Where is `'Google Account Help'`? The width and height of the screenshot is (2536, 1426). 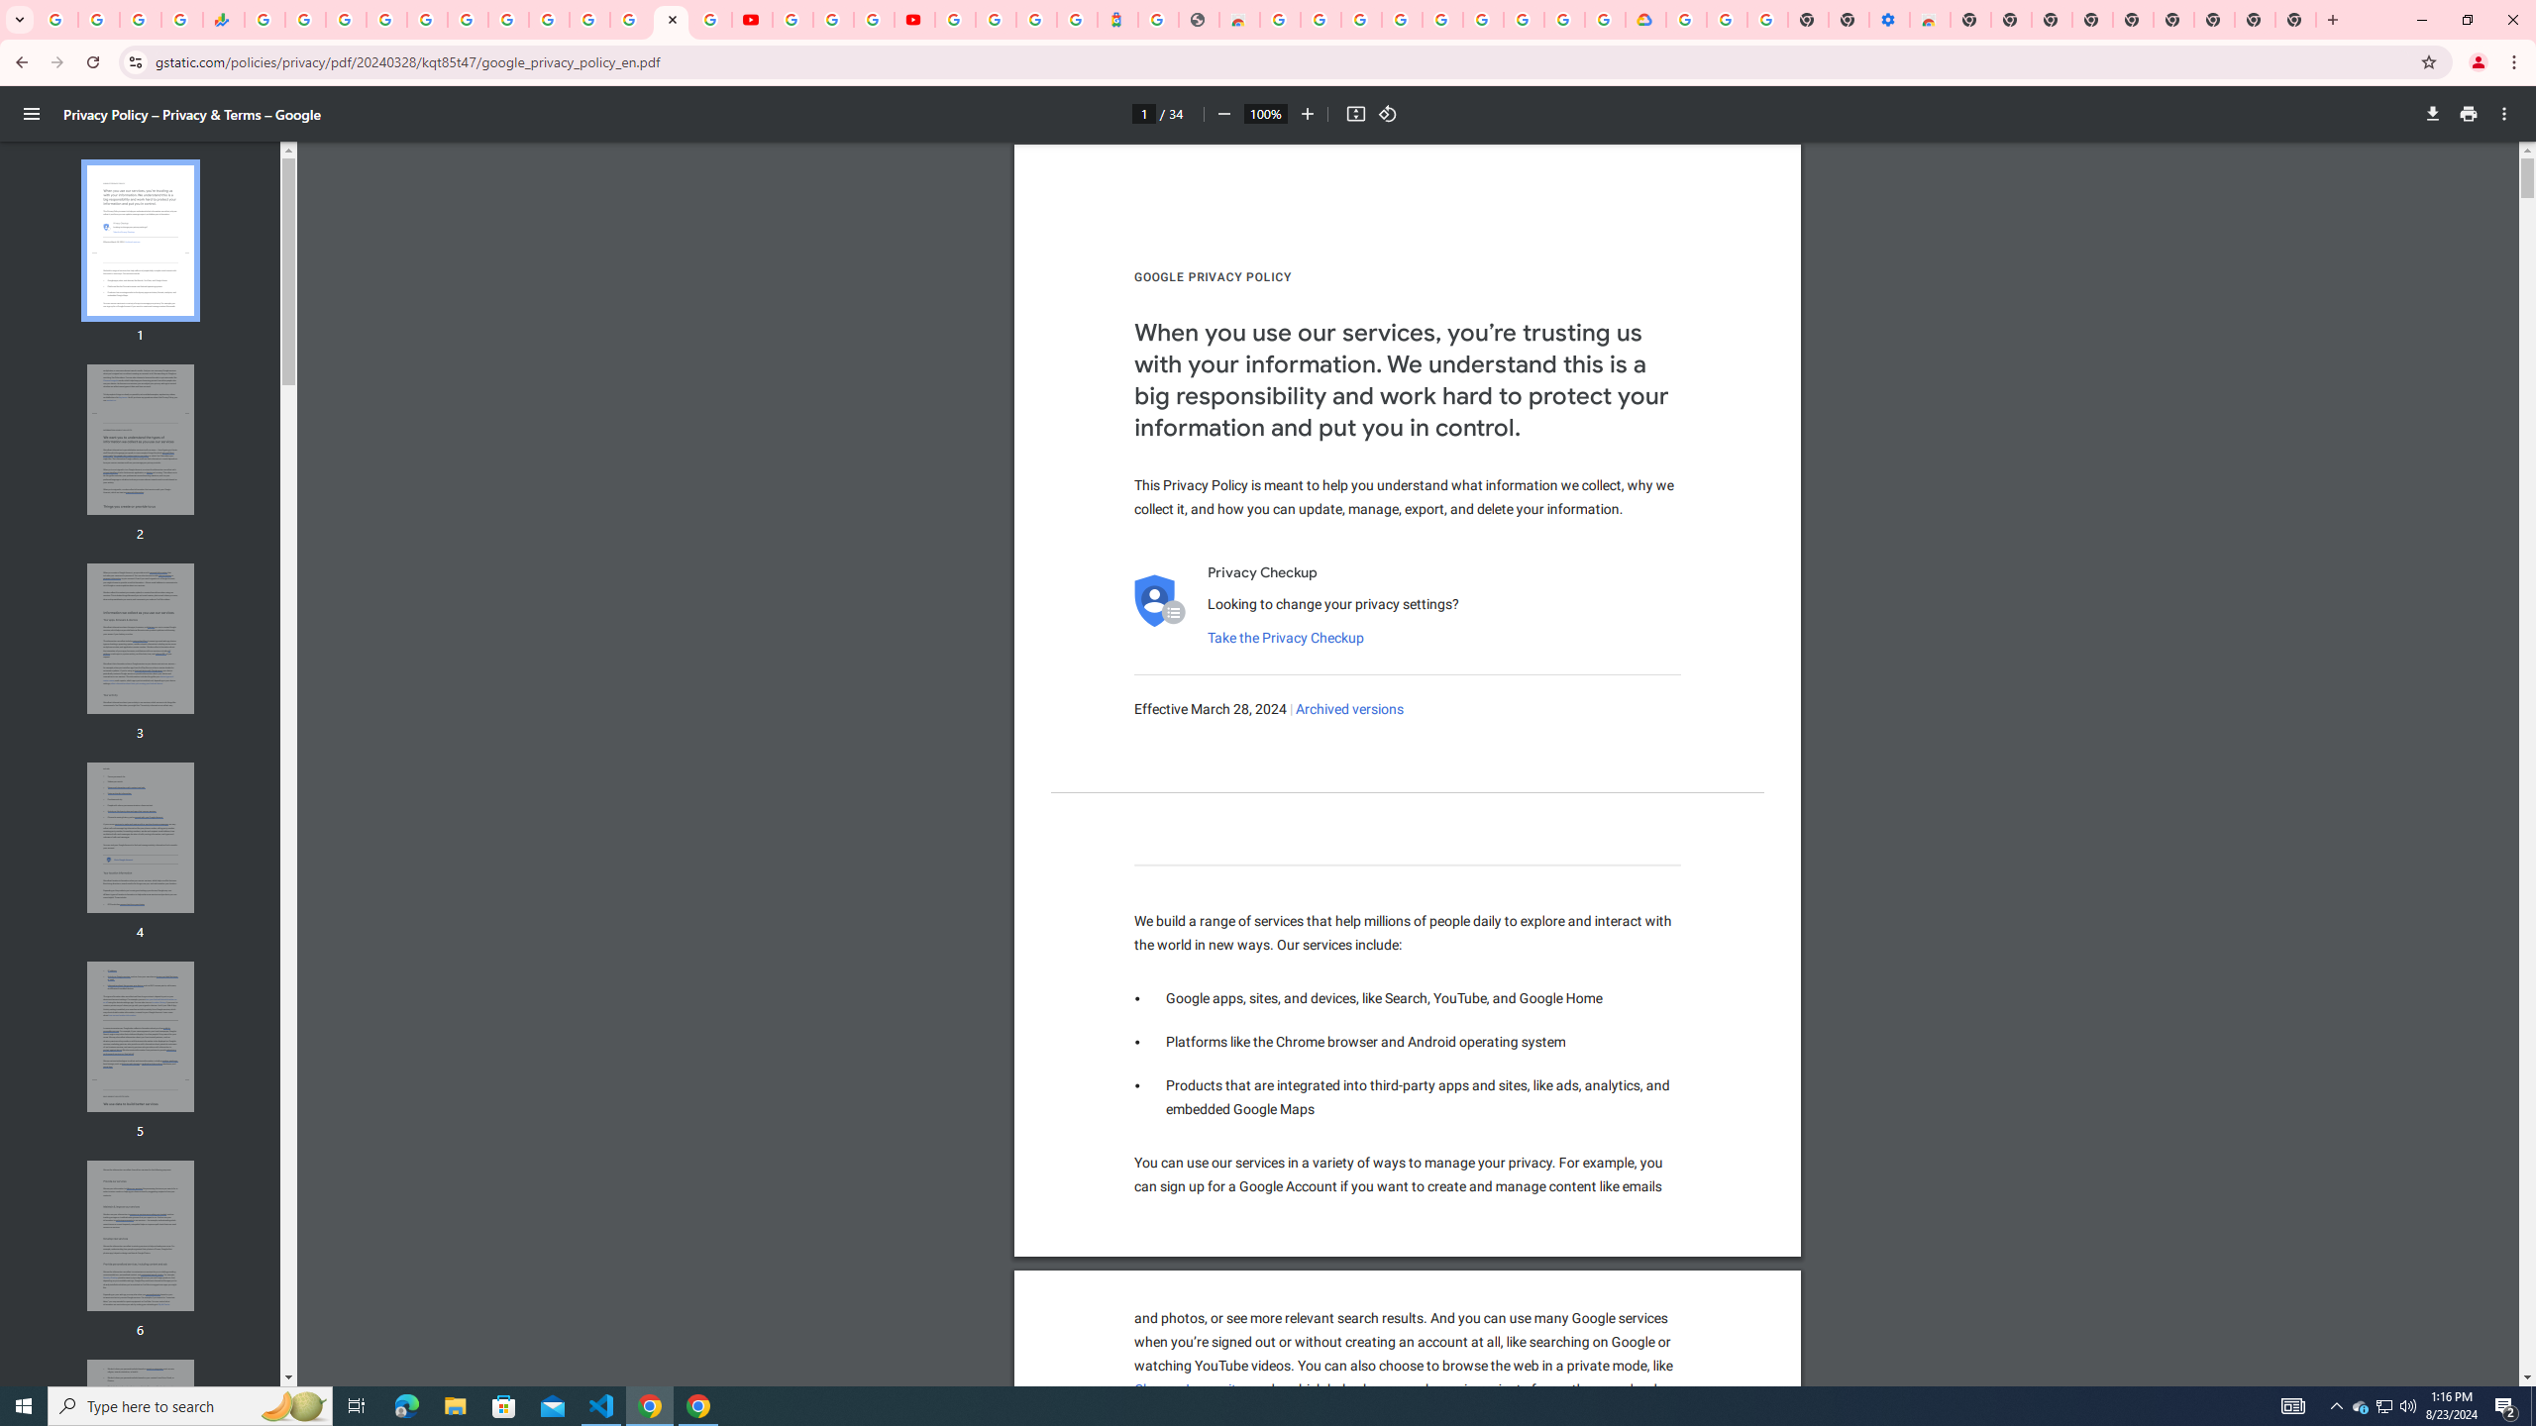
'Google Account Help' is located at coordinates (831, 19).